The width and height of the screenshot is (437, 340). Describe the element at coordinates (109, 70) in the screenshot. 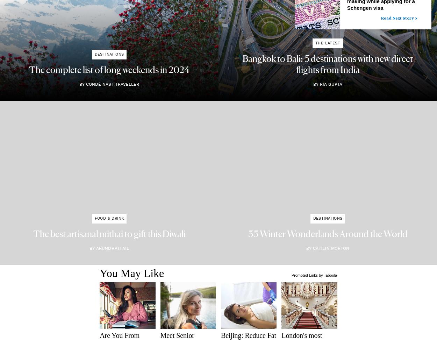

I see `'The complete list of long weekends in 2024'` at that location.